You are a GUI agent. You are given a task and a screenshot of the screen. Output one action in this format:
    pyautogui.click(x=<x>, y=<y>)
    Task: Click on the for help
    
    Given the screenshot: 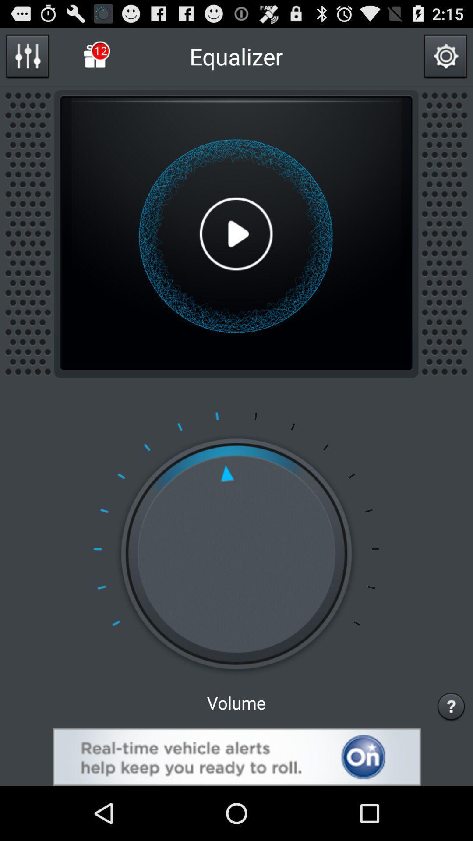 What is the action you would take?
    pyautogui.click(x=451, y=706)
    